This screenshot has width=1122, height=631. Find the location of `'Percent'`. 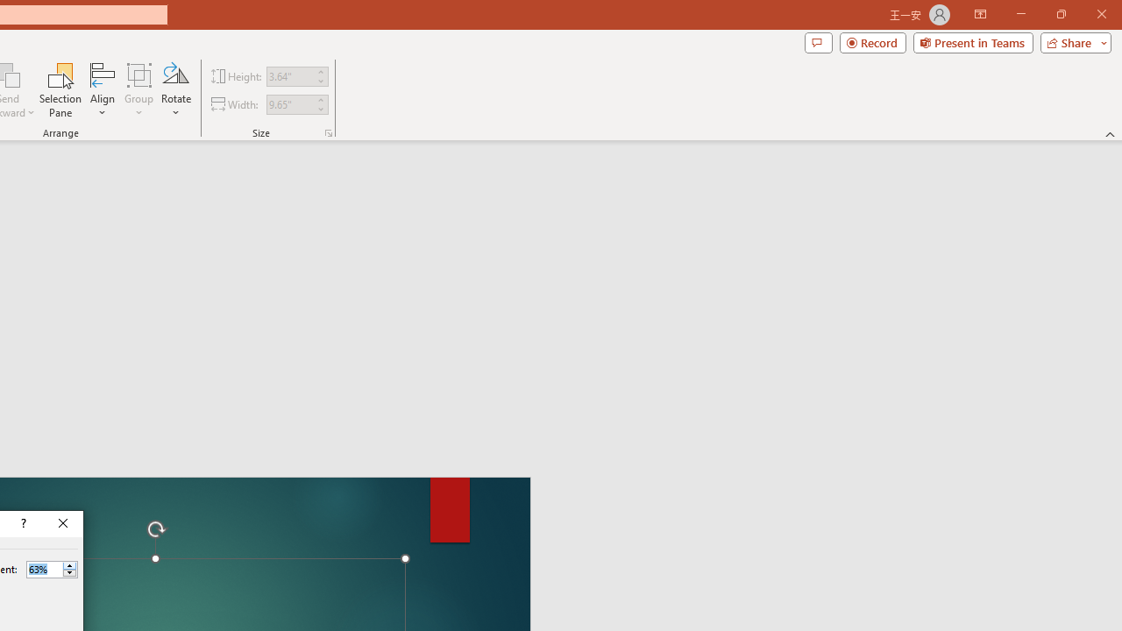

'Percent' is located at coordinates (52, 570).